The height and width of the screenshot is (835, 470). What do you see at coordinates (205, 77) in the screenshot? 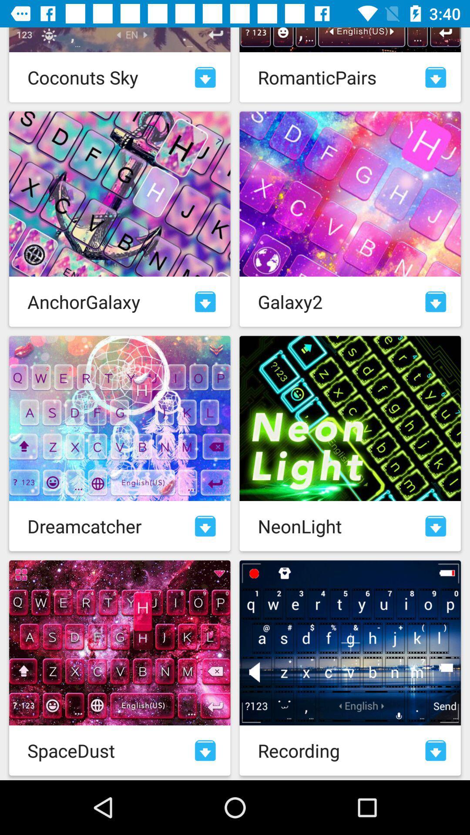
I see `archive coconuts sky` at bounding box center [205, 77].